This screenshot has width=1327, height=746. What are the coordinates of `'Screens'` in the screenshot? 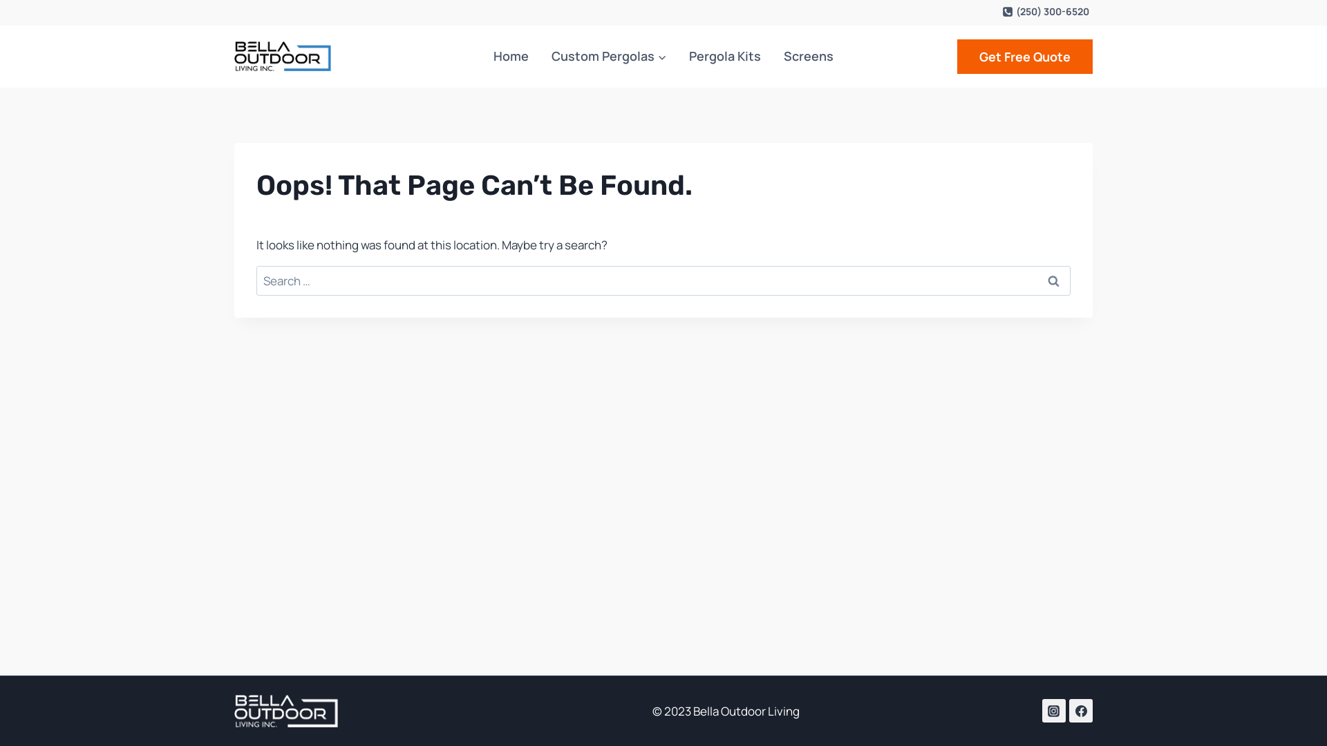 It's located at (808, 55).